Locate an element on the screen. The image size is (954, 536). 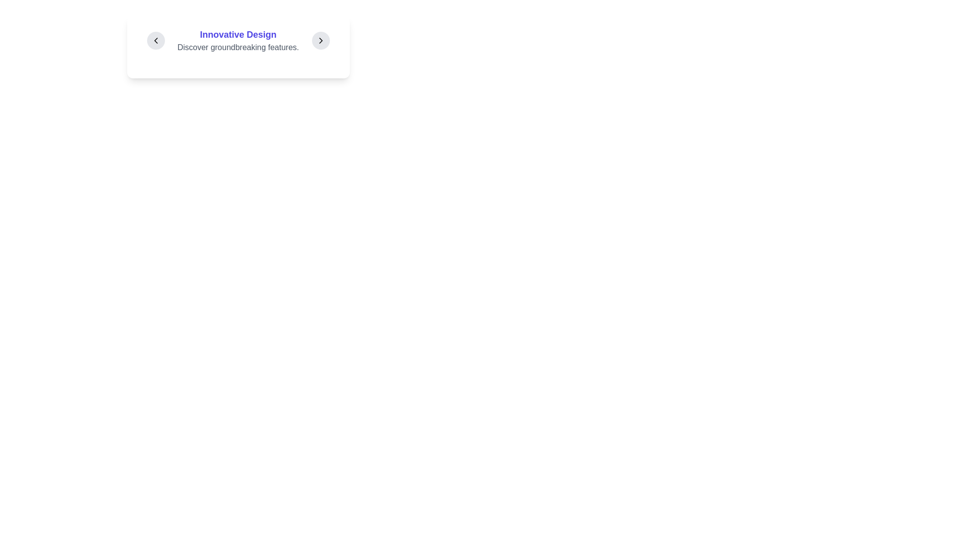
the second navigation indicator, a small circular solid-colored dot below the text 'Innovative Design', for accessibility navigation is located at coordinates (238, 64).